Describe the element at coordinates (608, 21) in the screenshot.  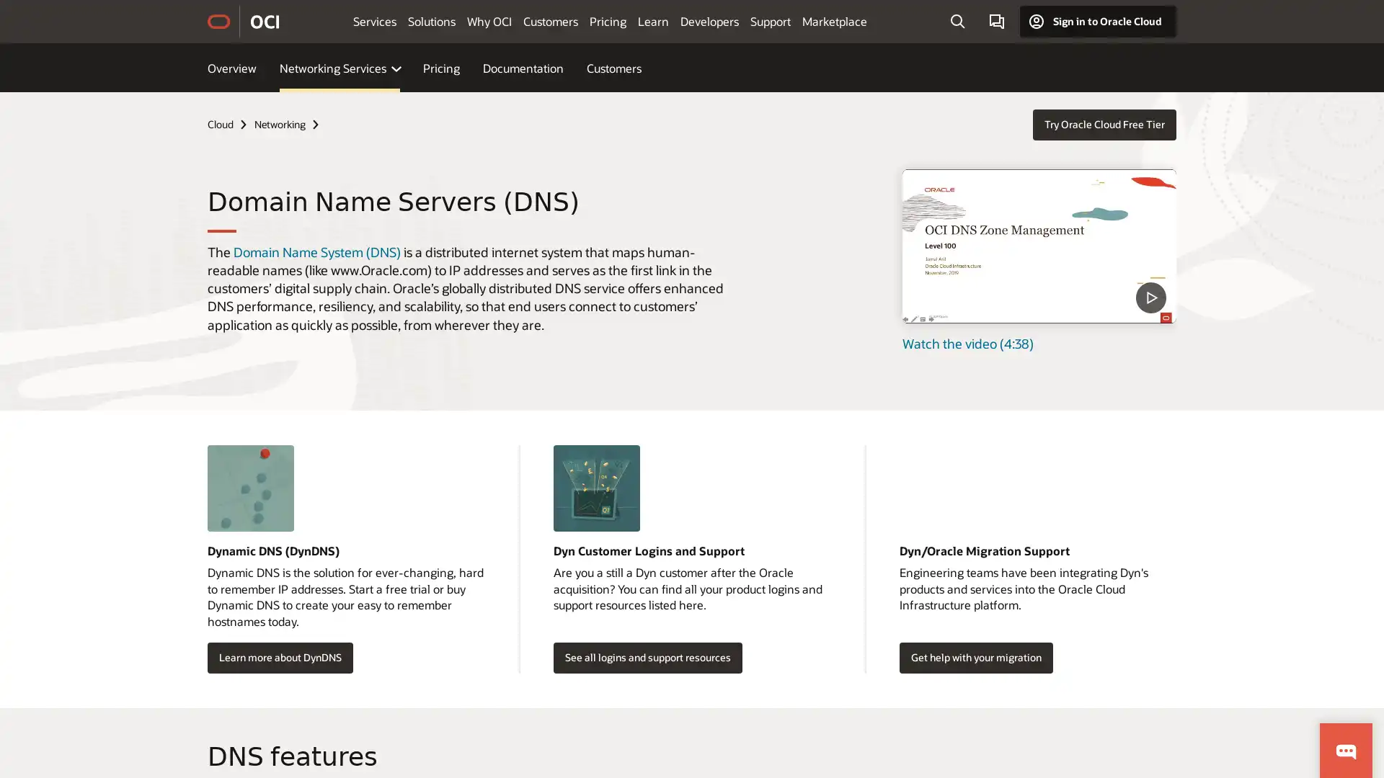
I see `Pricing` at that location.